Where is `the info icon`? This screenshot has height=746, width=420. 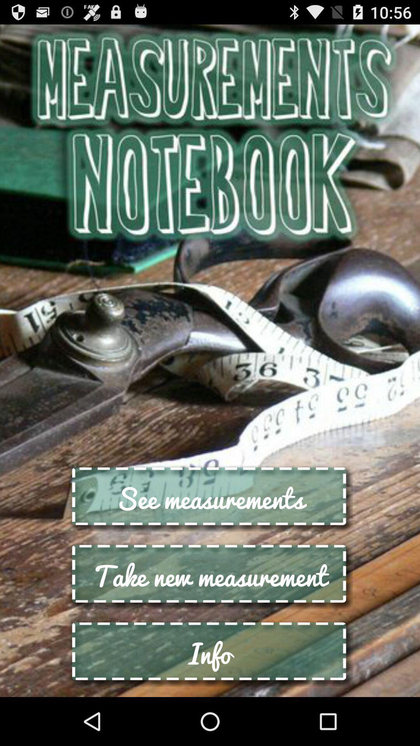
the info icon is located at coordinates (210, 653).